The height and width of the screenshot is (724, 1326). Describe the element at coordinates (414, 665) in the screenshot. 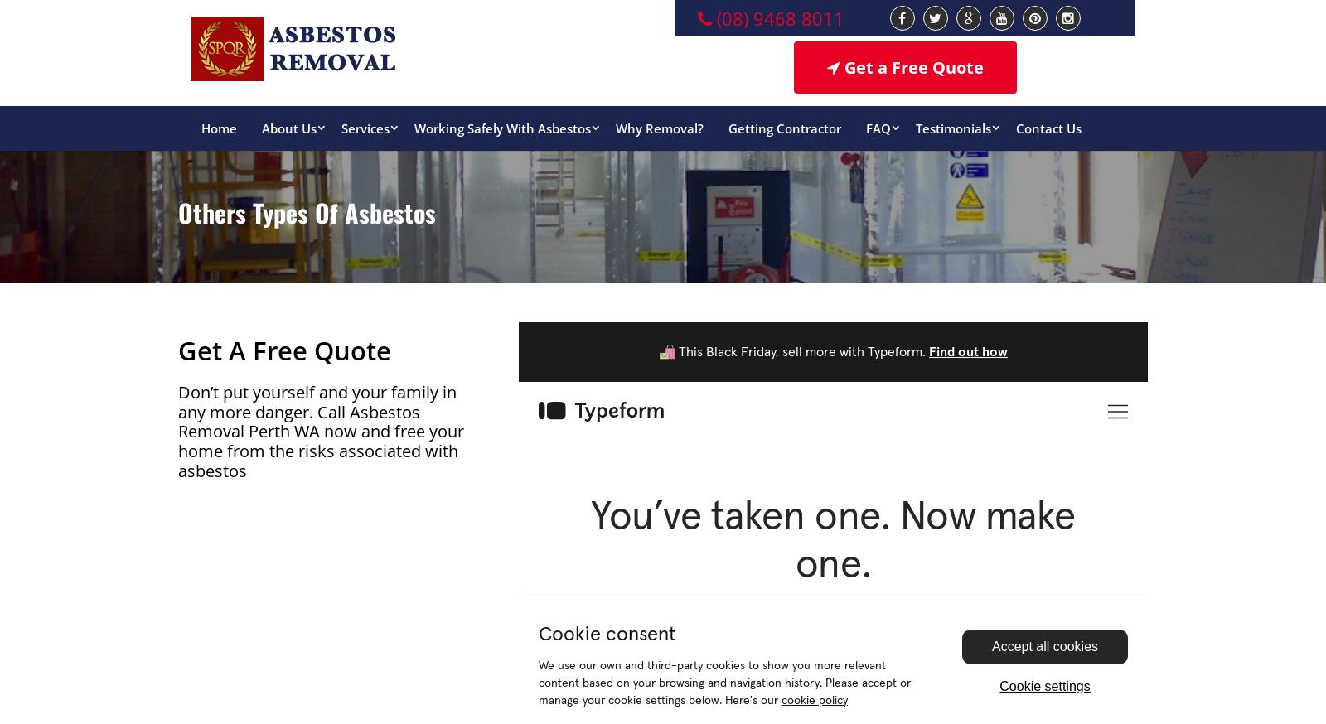

I see `'Asbestos Cladding'` at that location.